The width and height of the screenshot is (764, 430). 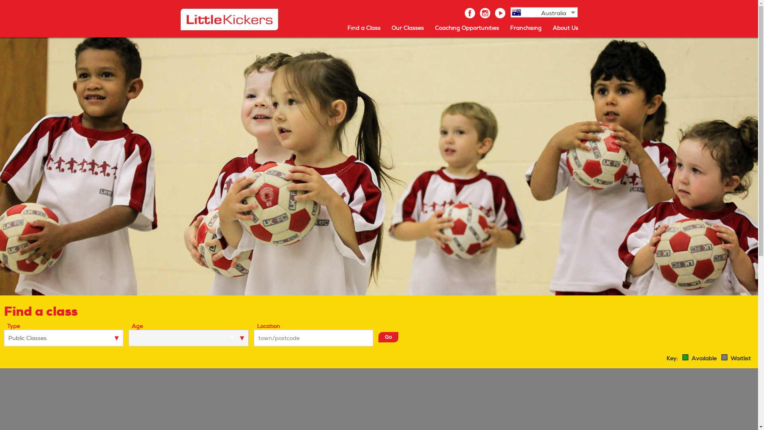 What do you see at coordinates (228, 19) in the screenshot?
I see `'Little Kickers'` at bounding box center [228, 19].